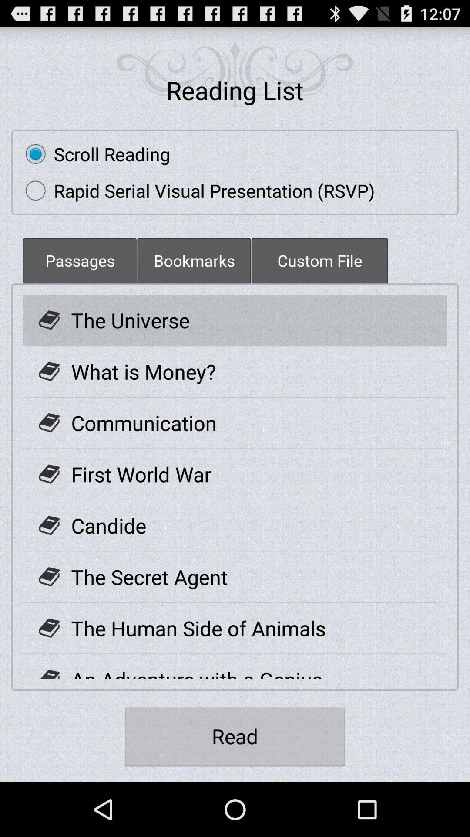 The height and width of the screenshot is (837, 470). Describe the element at coordinates (80, 260) in the screenshot. I see `the passages` at that location.